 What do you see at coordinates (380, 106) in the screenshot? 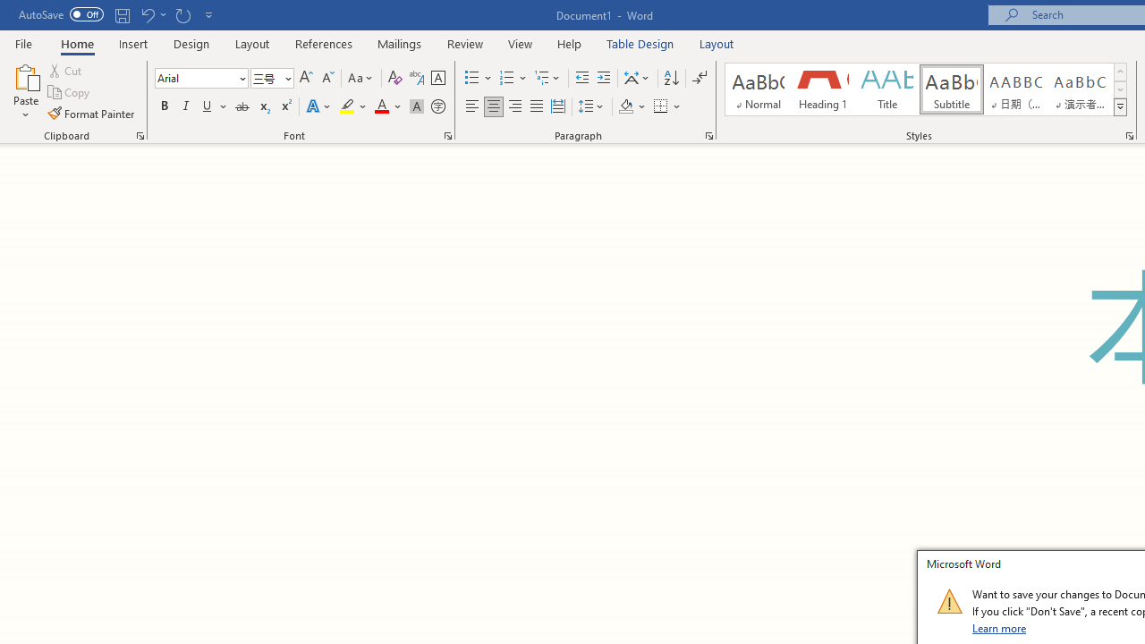
I see `'Font Color Red'` at bounding box center [380, 106].